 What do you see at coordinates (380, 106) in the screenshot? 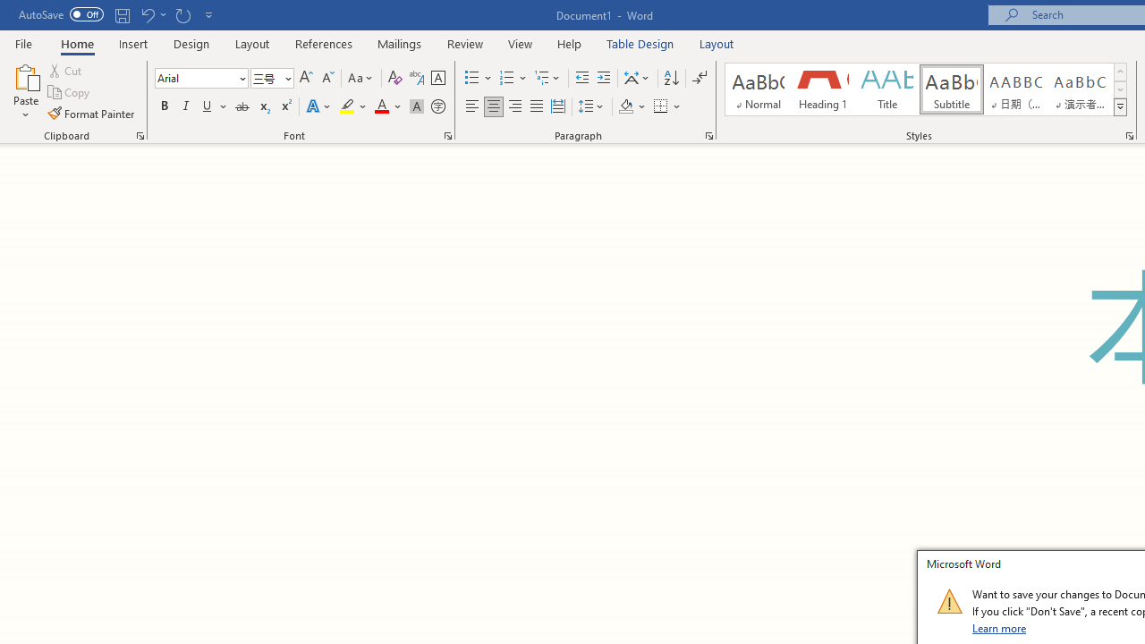
I see `'Font Color Red'` at bounding box center [380, 106].